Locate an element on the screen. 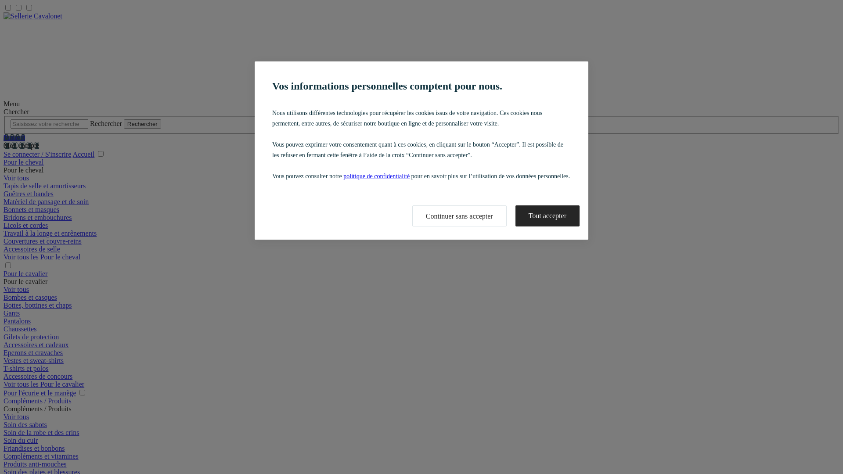 This screenshot has height=474, width=843. 'Rechercher' is located at coordinates (142, 124).